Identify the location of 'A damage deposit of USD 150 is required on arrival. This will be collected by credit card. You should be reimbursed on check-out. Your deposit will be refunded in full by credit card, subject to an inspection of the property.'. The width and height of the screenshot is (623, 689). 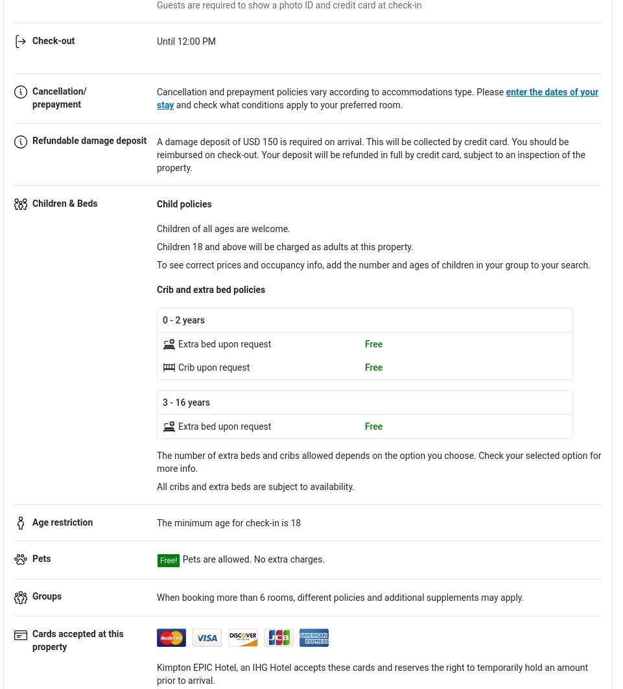
(370, 154).